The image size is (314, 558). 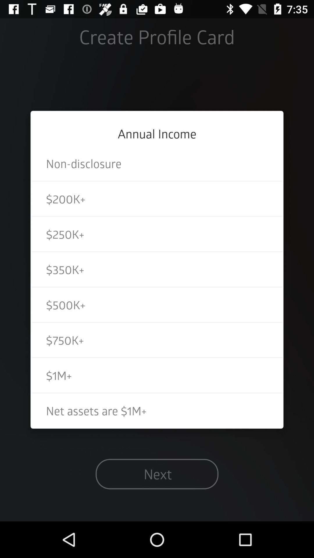 What do you see at coordinates (157, 304) in the screenshot?
I see `$500k+` at bounding box center [157, 304].